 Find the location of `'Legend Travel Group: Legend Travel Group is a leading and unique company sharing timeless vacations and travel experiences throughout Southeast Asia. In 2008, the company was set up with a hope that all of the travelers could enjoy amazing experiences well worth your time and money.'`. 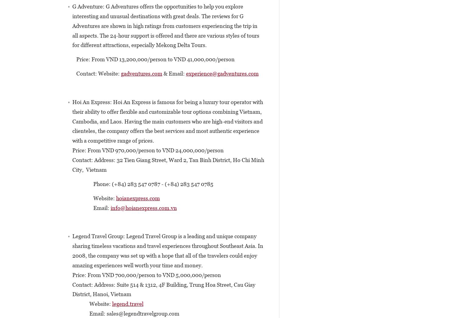

'Legend Travel Group: Legend Travel Group is a leading and unique company sharing timeless vacations and travel experiences throughout Southeast Asia. In 2008, the company was set up with a hope that all of the travelers could enjoy amazing experiences well worth your time and money.' is located at coordinates (72, 250).